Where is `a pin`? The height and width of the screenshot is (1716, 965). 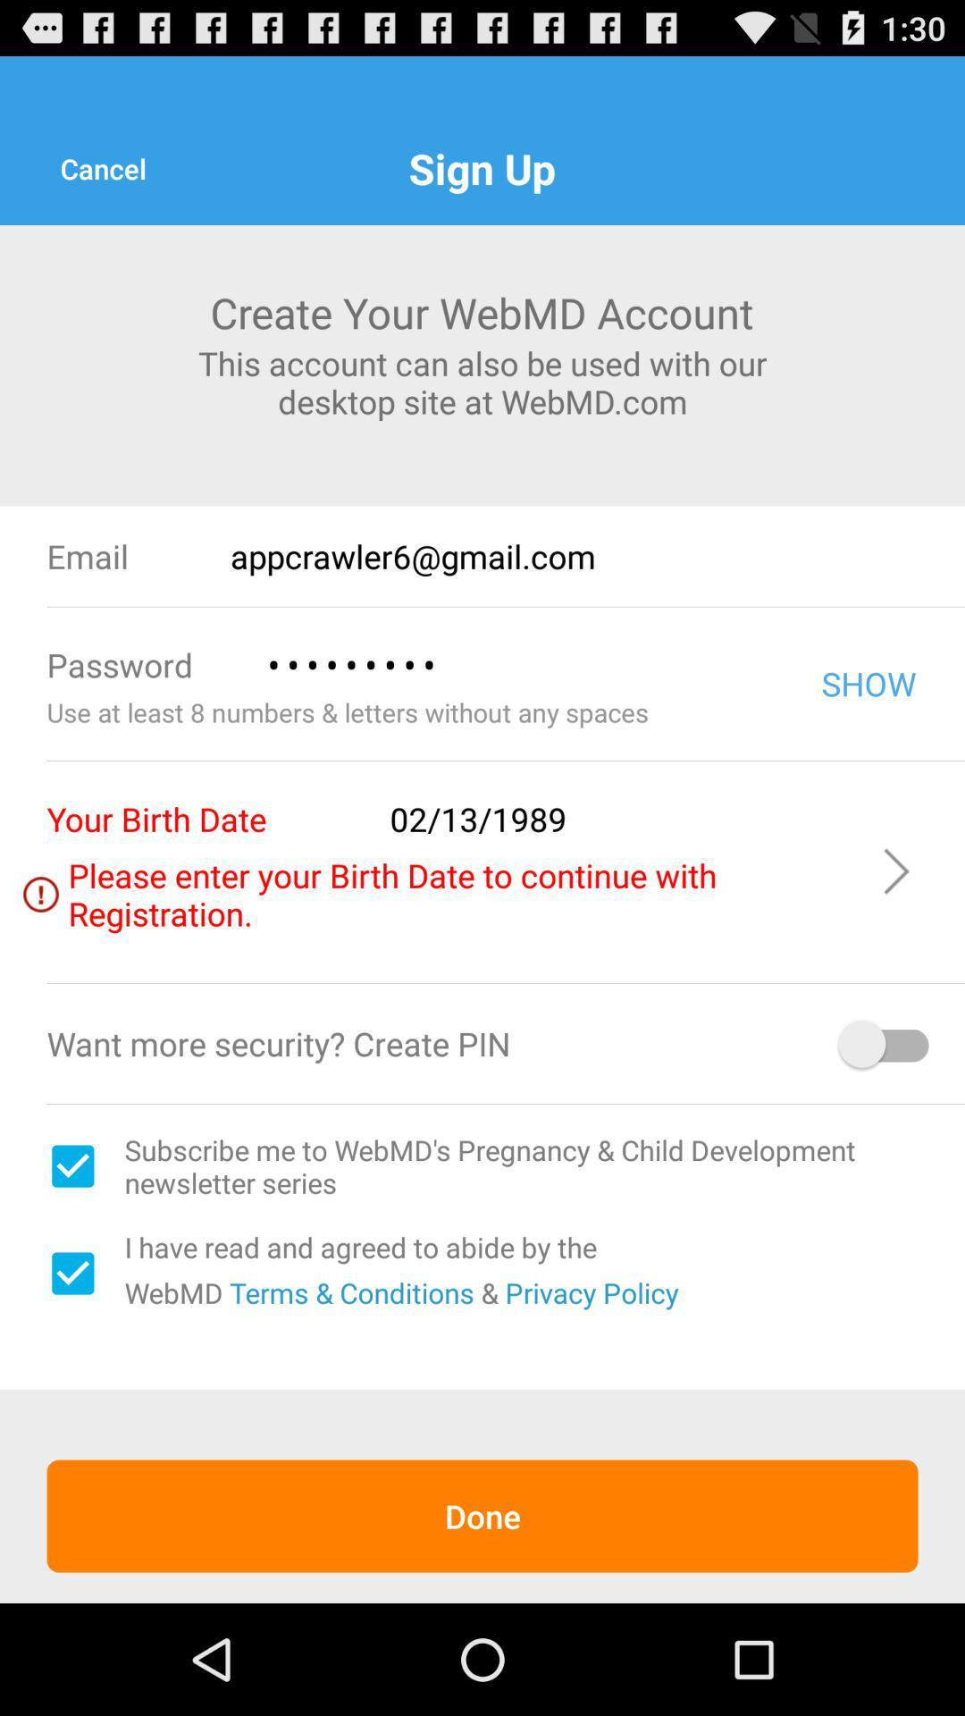
a pin is located at coordinates (885, 1044).